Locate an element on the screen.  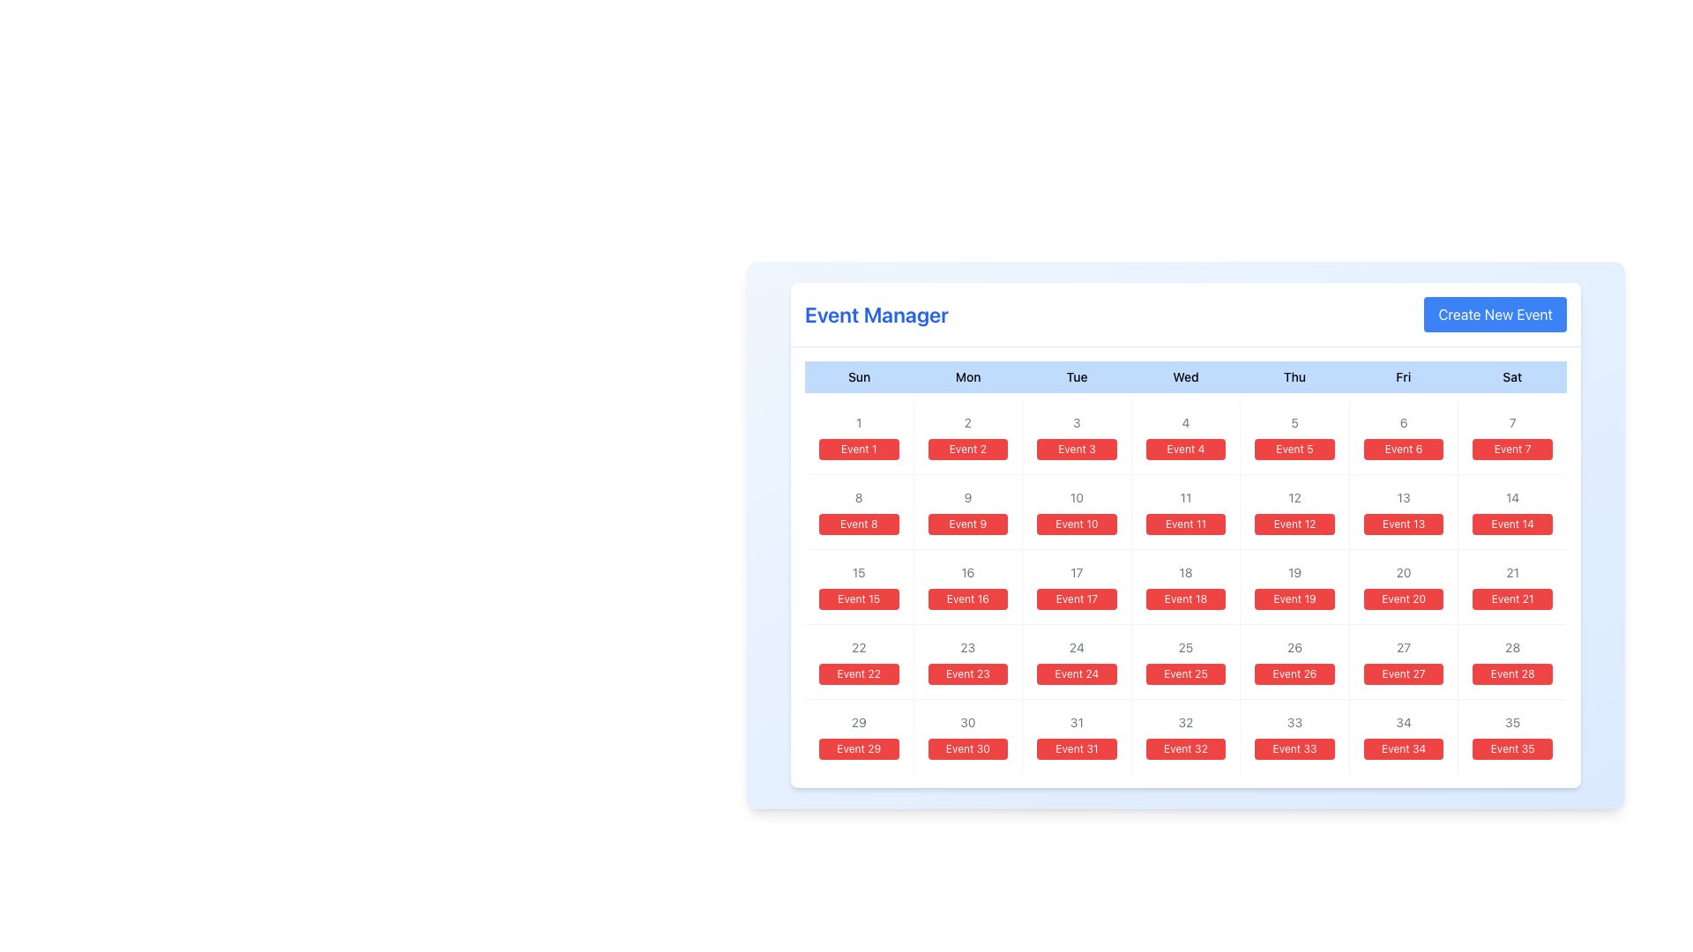
the button-like grid cell displaying '35' and 'Event 35' is located at coordinates (1511, 737).